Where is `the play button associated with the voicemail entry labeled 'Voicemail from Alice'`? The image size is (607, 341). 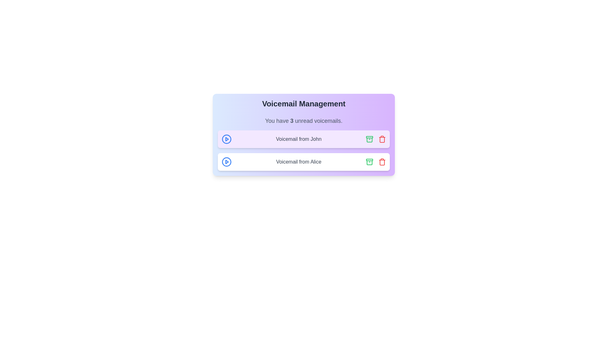
the play button associated with the voicemail entry labeled 'Voicemail from Alice' is located at coordinates (226, 162).